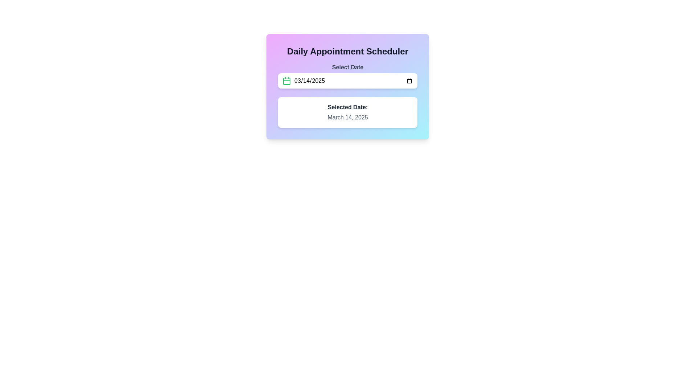 This screenshot has width=697, height=392. What do you see at coordinates (347, 75) in the screenshot?
I see `the date input field labeled 'Select Date'` at bounding box center [347, 75].